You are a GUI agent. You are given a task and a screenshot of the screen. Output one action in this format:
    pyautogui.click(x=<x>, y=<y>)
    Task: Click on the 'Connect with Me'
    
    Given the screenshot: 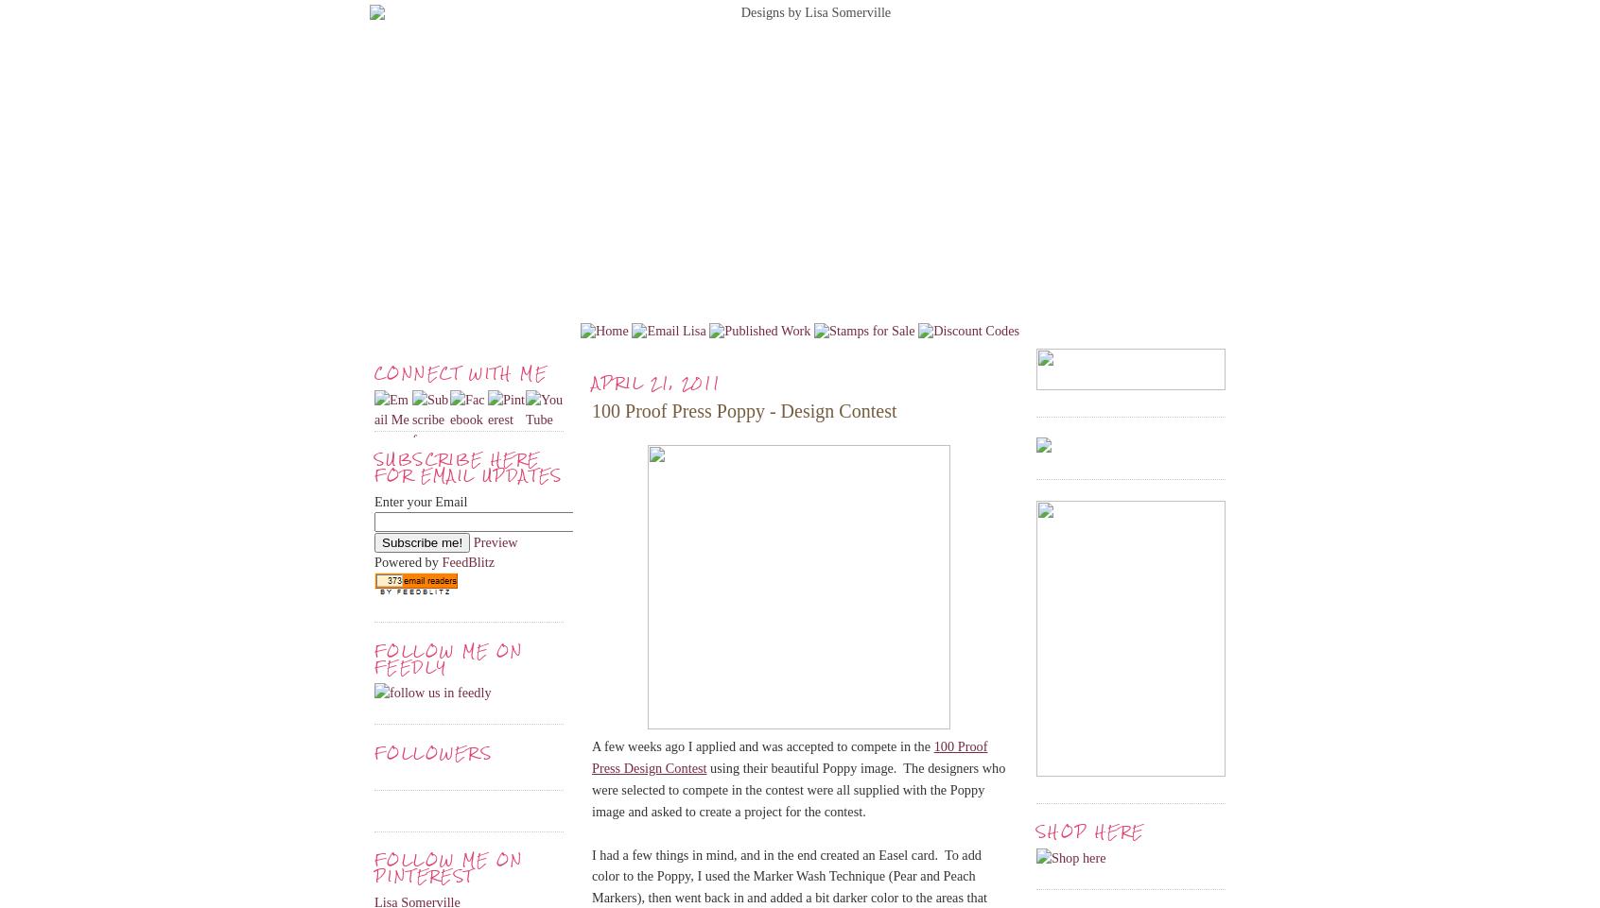 What is the action you would take?
    pyautogui.click(x=460, y=372)
    